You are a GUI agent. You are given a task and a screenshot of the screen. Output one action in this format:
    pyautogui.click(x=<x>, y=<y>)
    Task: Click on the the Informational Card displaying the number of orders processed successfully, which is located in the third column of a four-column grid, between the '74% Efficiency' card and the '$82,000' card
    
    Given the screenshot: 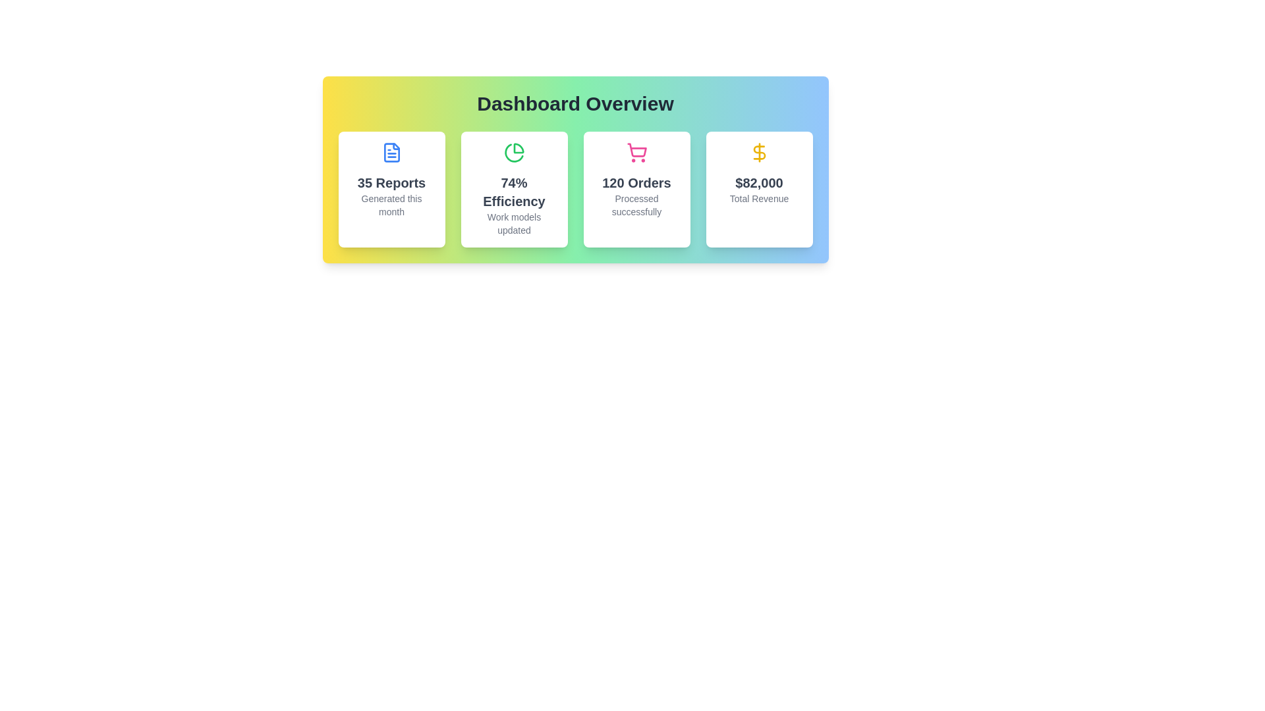 What is the action you would take?
    pyautogui.click(x=636, y=190)
    